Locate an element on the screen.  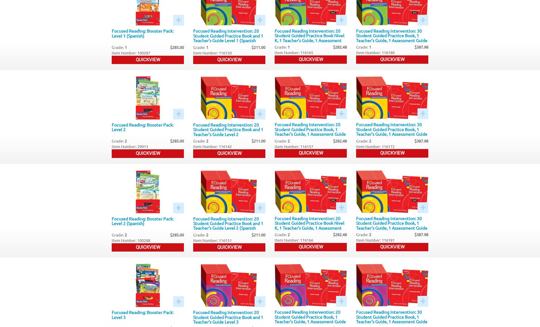
'Focused Reading: Booster Pack: Level 2 (Spanish)' is located at coordinates (143, 220).